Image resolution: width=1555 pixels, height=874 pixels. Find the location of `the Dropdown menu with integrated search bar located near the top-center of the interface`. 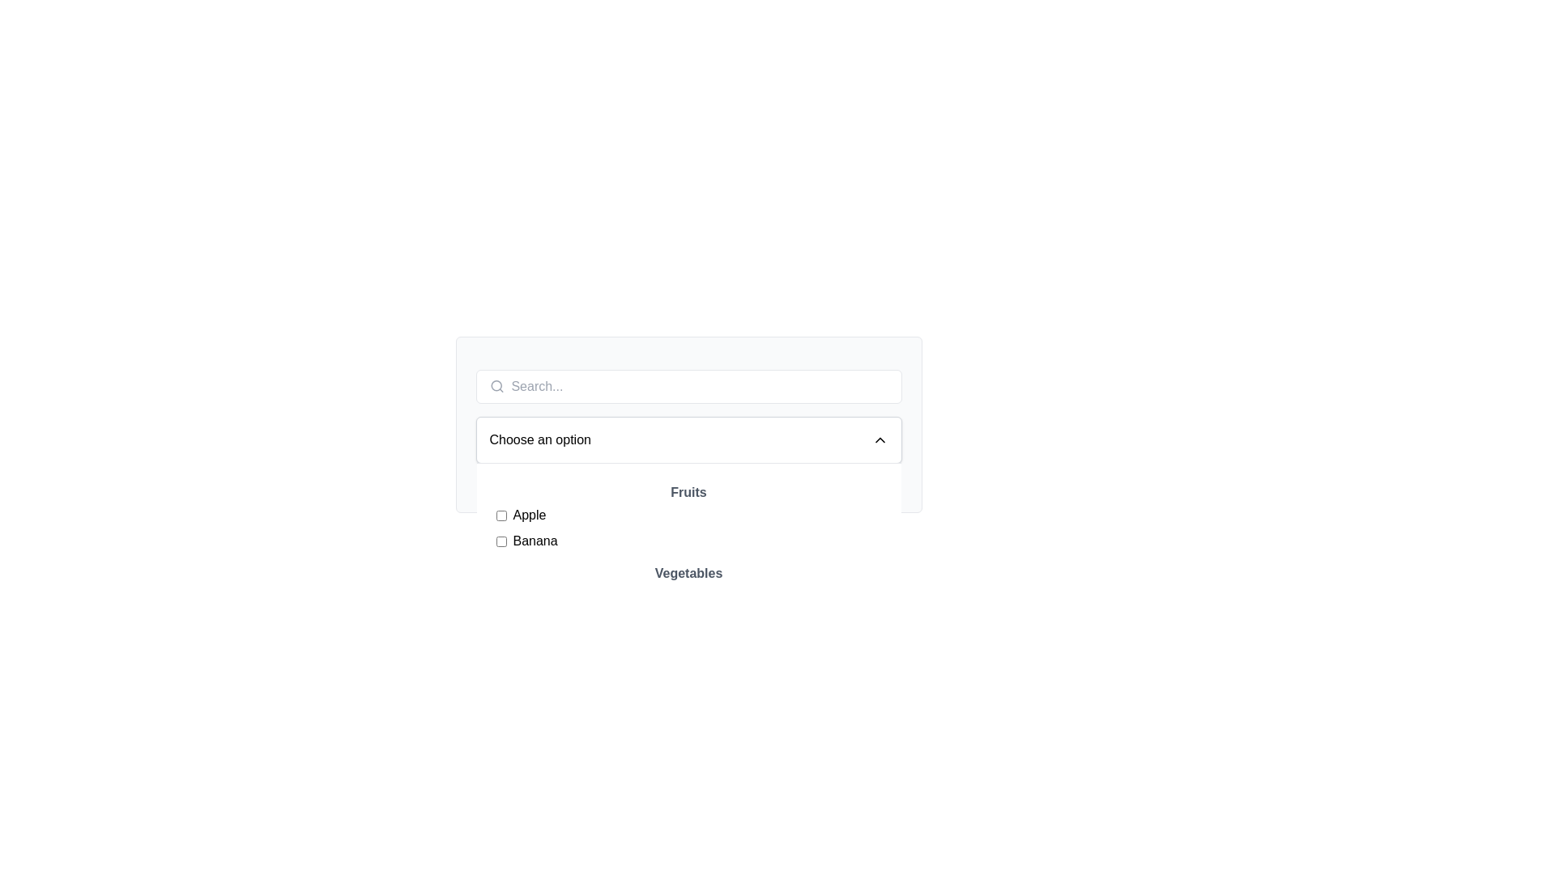

the Dropdown menu with integrated search bar located near the top-center of the interface is located at coordinates (688, 416).